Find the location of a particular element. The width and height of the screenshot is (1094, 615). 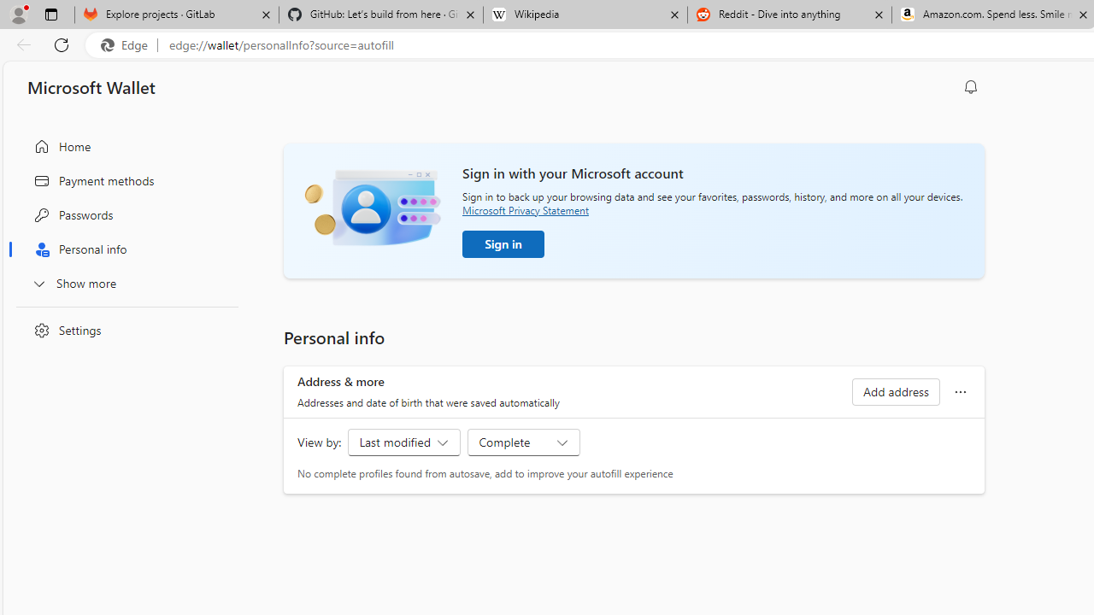

'Payment methods' is located at coordinates (122, 180).